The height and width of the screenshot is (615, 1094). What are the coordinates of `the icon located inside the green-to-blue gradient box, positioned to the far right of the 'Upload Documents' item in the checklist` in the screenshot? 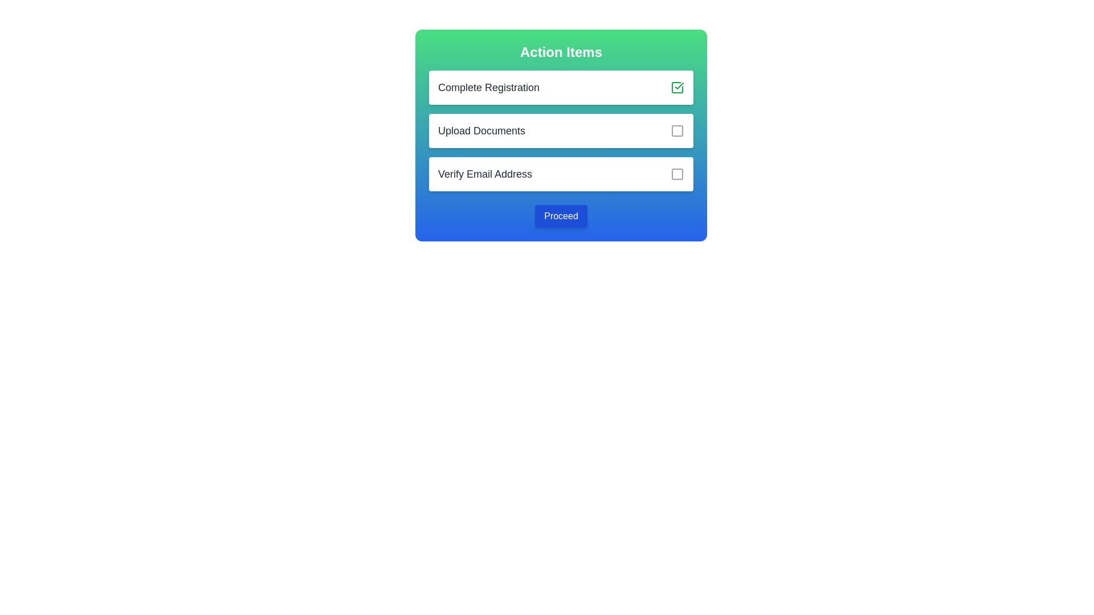 It's located at (677, 130).